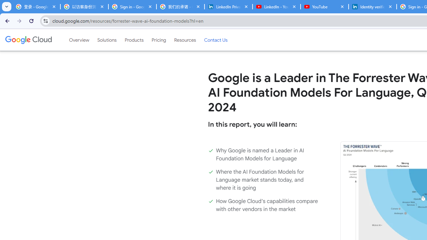  Describe the element at coordinates (107, 40) in the screenshot. I see `'Solutions'` at that location.